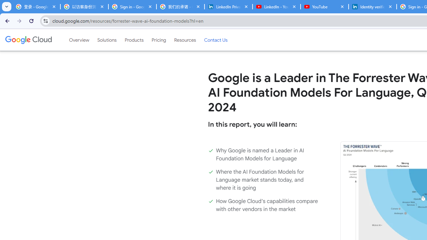  Describe the element at coordinates (107, 40) in the screenshot. I see `'Solutions'` at that location.